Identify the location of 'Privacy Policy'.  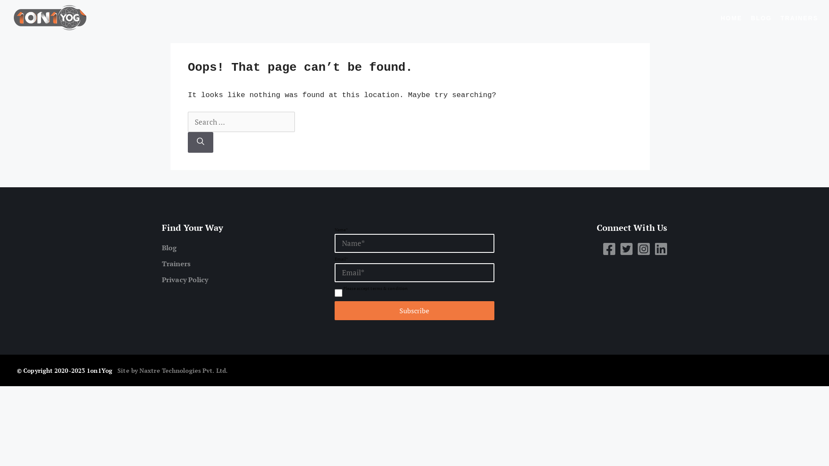
(161, 280).